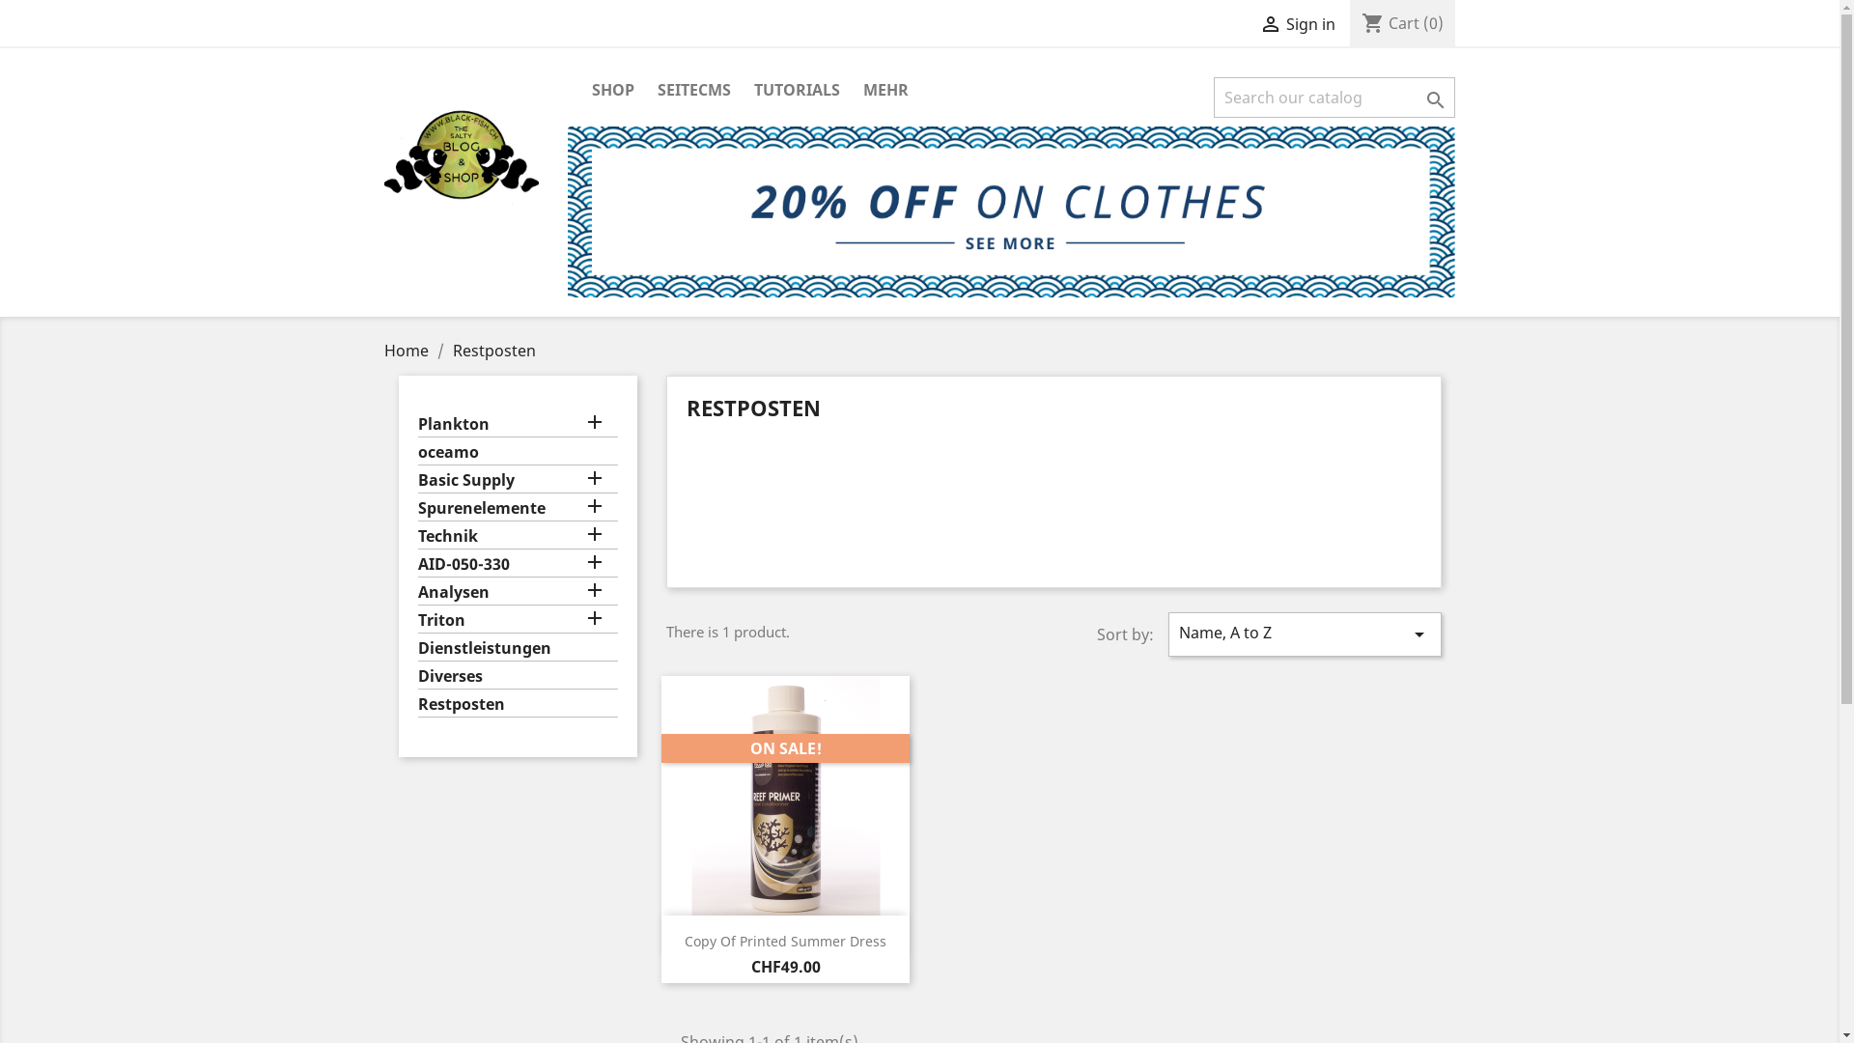 Image resolution: width=1854 pixels, height=1043 pixels. I want to click on 'Diverses', so click(518, 677).